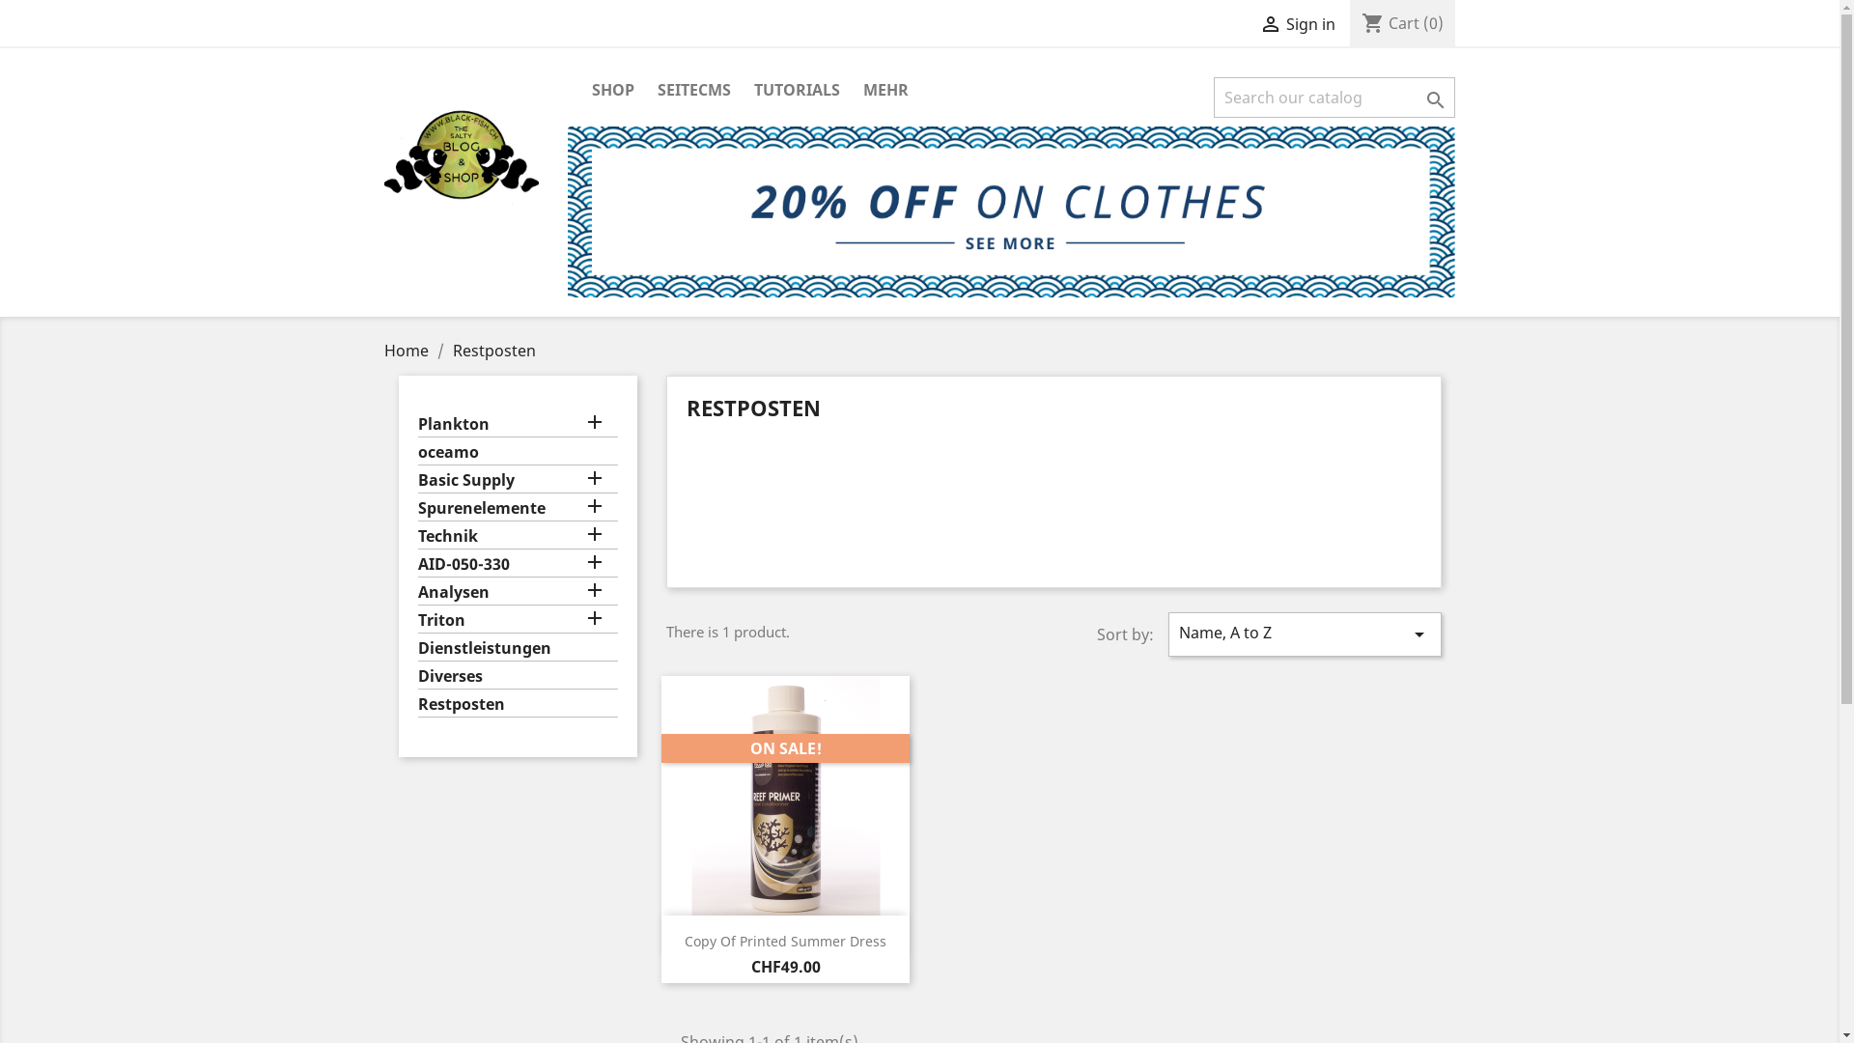 Image resolution: width=1854 pixels, height=1043 pixels. I want to click on 'Diverses', so click(518, 677).